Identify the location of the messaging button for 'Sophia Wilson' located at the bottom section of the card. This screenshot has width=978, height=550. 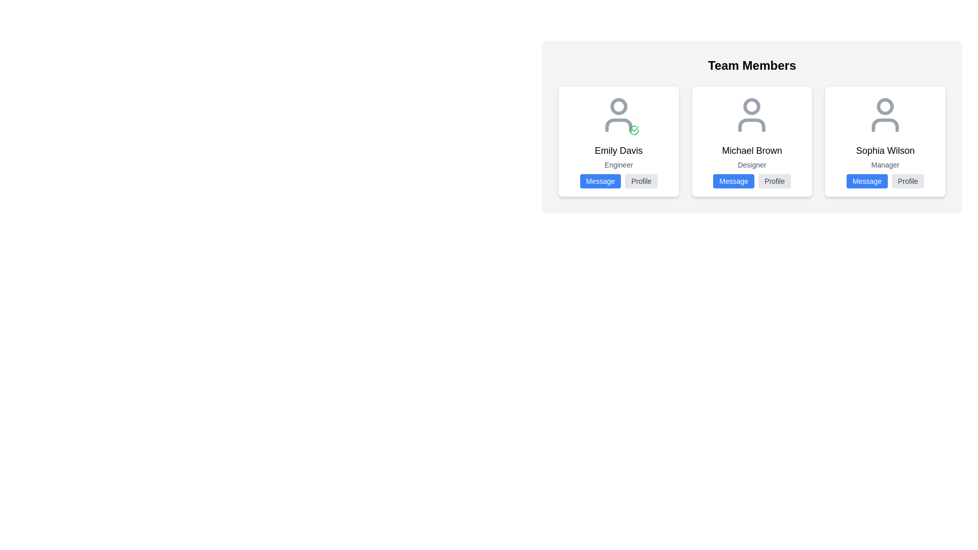
(866, 180).